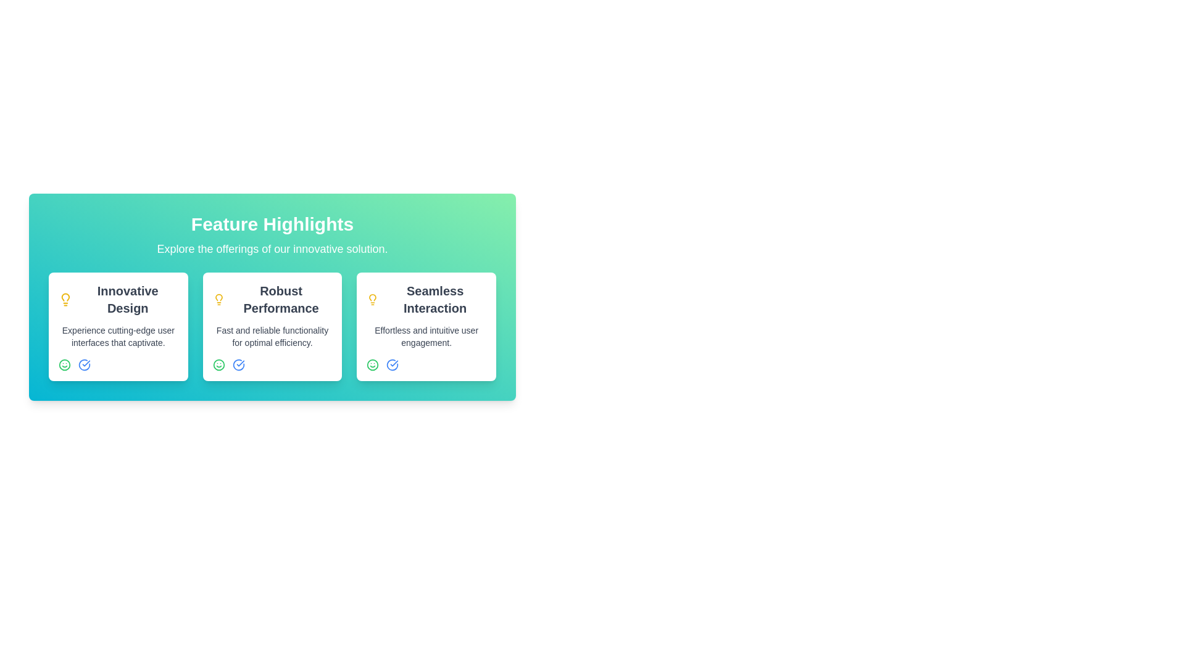  I want to click on the lightbulb icon located at the top-left of the 'Seamless Interaction' card to trigger a tooltip or visual feedback, so click(372, 300).